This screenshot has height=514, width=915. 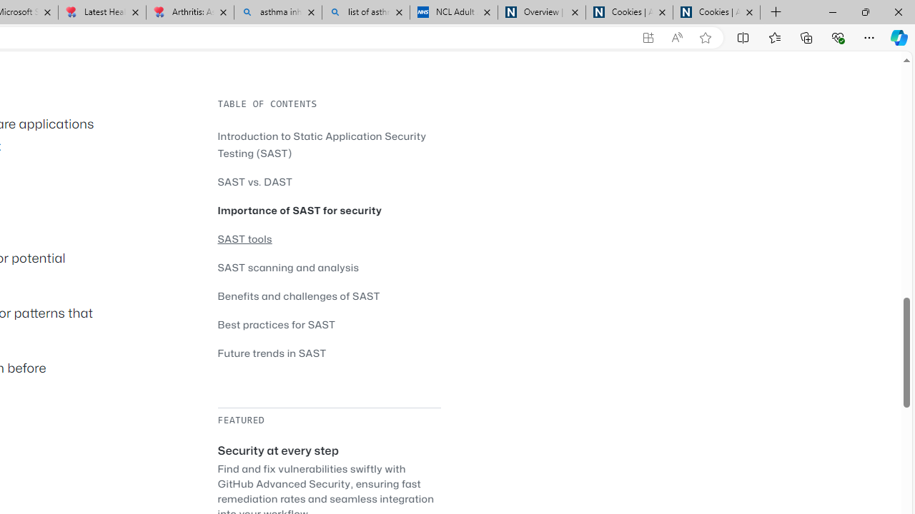 I want to click on 'Introduction to Static Application Security Testing (SAST)', so click(x=328, y=144).